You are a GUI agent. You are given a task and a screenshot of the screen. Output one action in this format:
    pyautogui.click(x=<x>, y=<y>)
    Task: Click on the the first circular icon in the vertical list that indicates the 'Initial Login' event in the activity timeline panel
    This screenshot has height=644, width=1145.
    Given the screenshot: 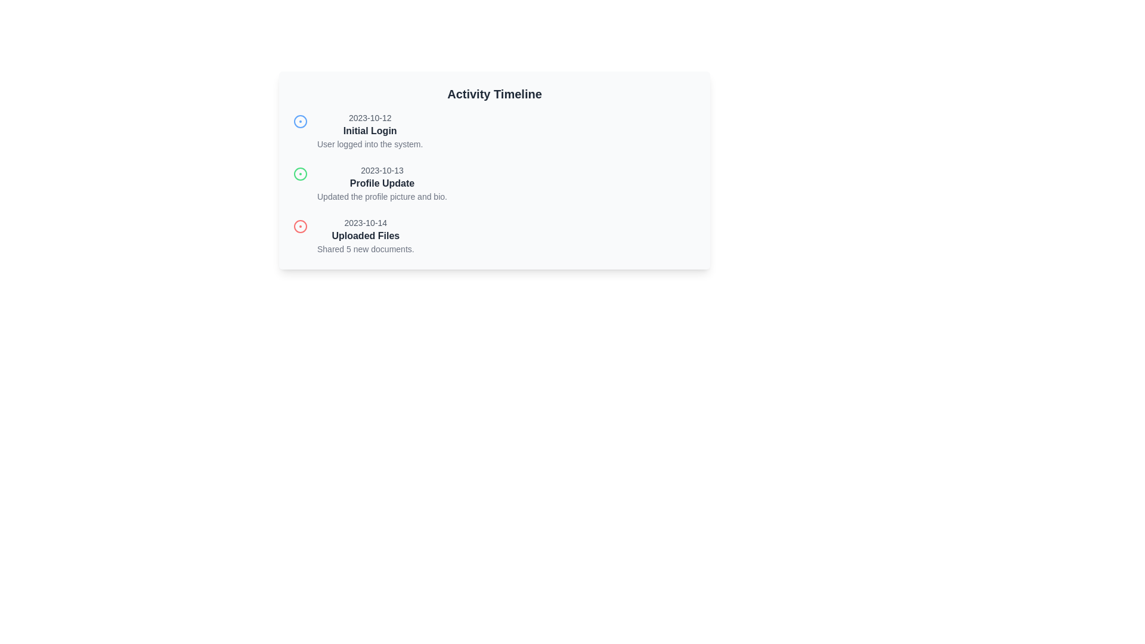 What is the action you would take?
    pyautogui.click(x=301, y=122)
    